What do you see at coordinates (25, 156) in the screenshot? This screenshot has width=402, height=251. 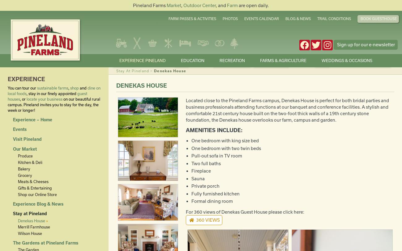 I see `'Produce'` at bounding box center [25, 156].